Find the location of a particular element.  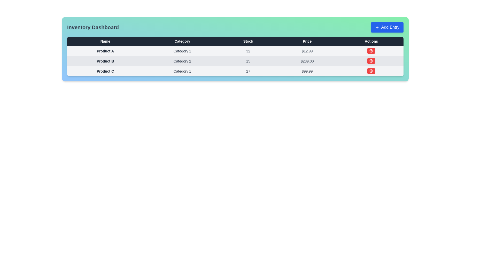

the Plain Text element that indicates the category classification of 'Product B' in the table, located in the second column next to 'Product B' and '15' is located at coordinates (182, 61).